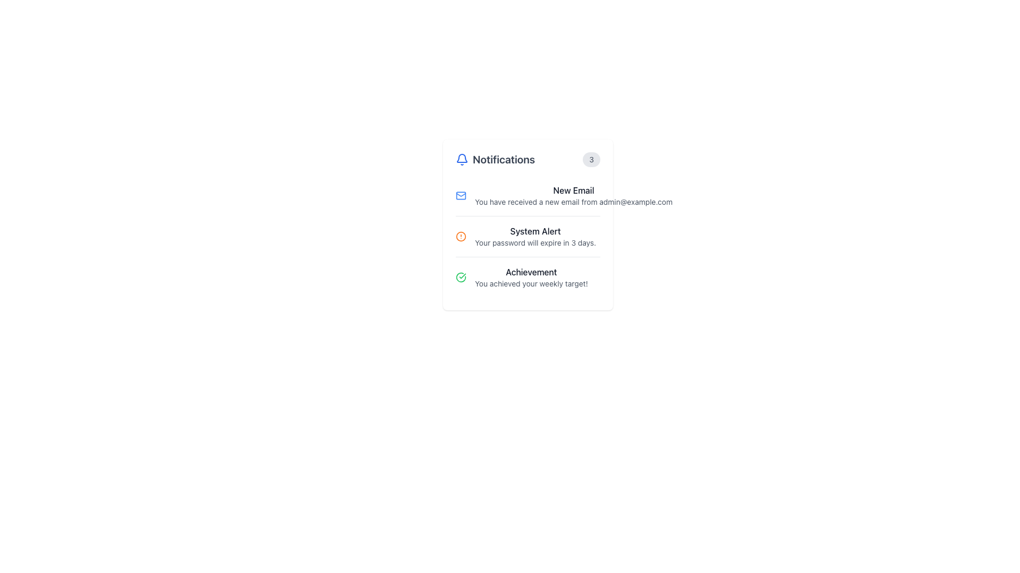 Image resolution: width=1020 pixels, height=573 pixels. Describe the element at coordinates (535, 236) in the screenshot. I see `second notification item in the vertically stacked notification list, which informs users about an upcoming event (password expiration in 3 days)` at that location.